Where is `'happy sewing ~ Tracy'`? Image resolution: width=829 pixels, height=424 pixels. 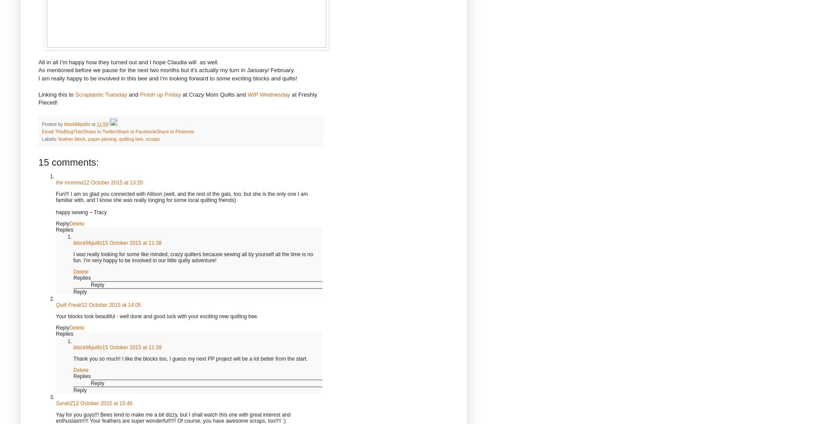 'happy sewing ~ Tracy' is located at coordinates (81, 212).